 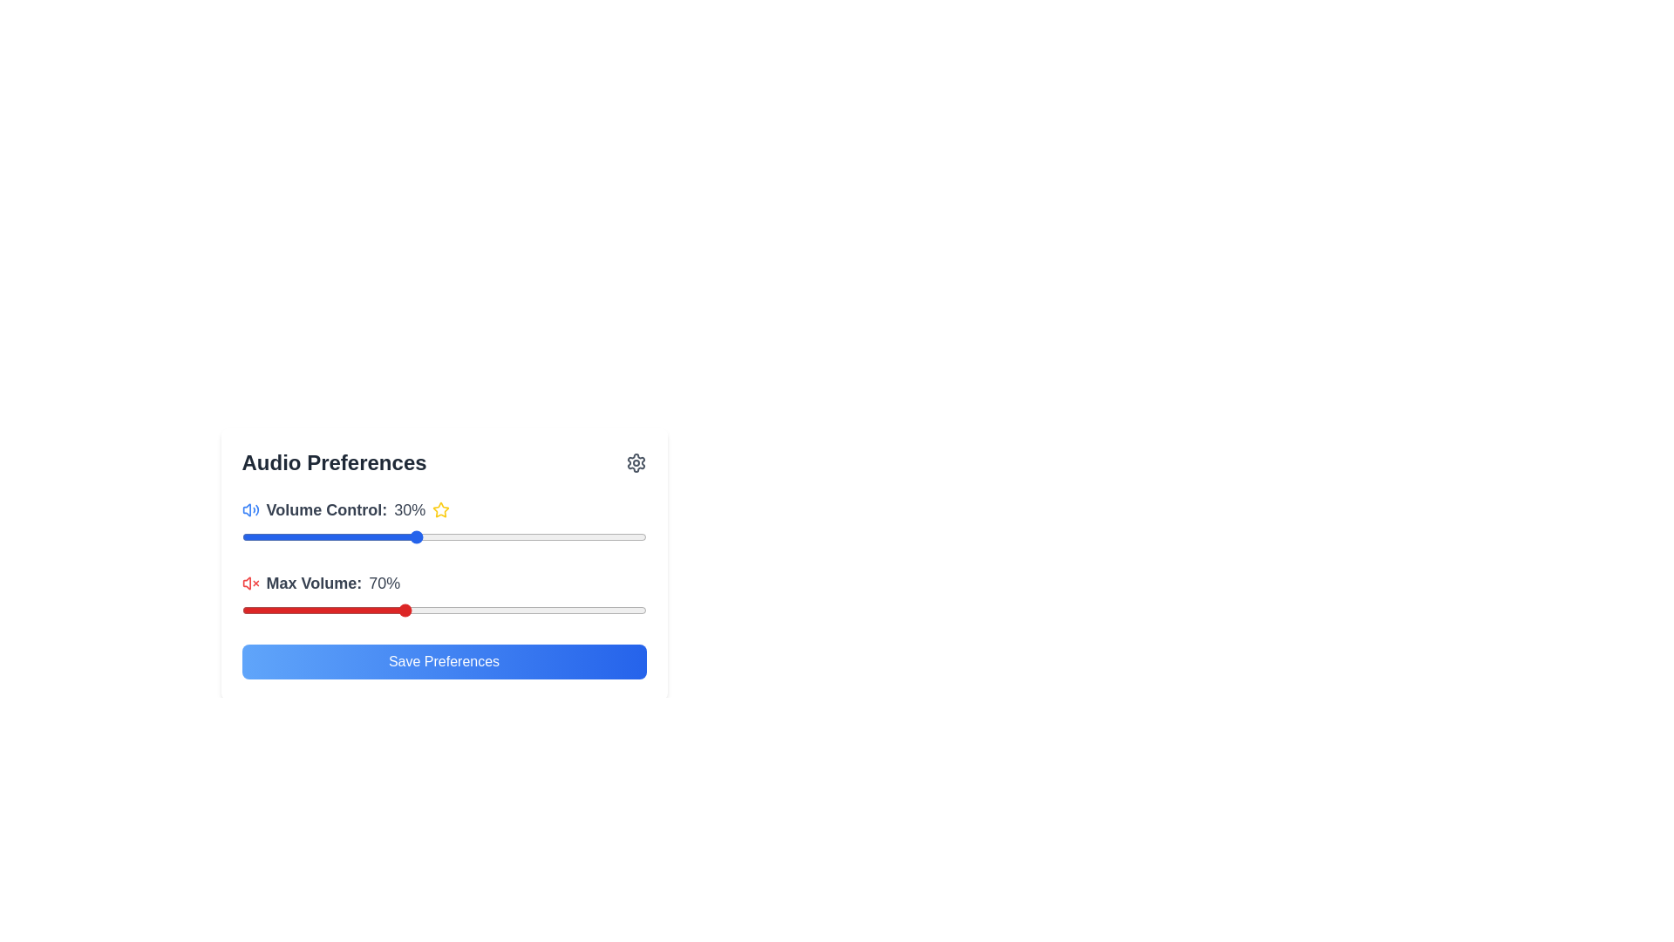 What do you see at coordinates (444, 609) in the screenshot?
I see `the slider located below the 'Max Volume: 70%' text in the 'Audio Preferences' section` at bounding box center [444, 609].